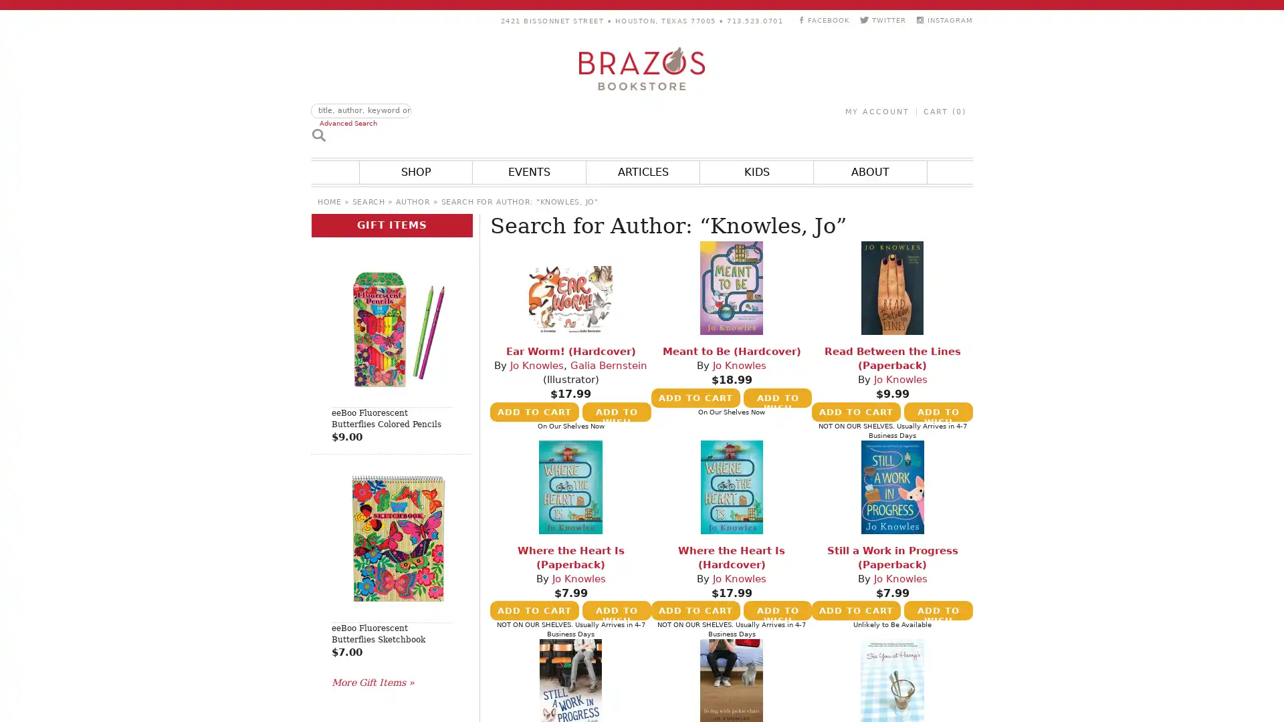  I want to click on Add to Cart, so click(695, 610).